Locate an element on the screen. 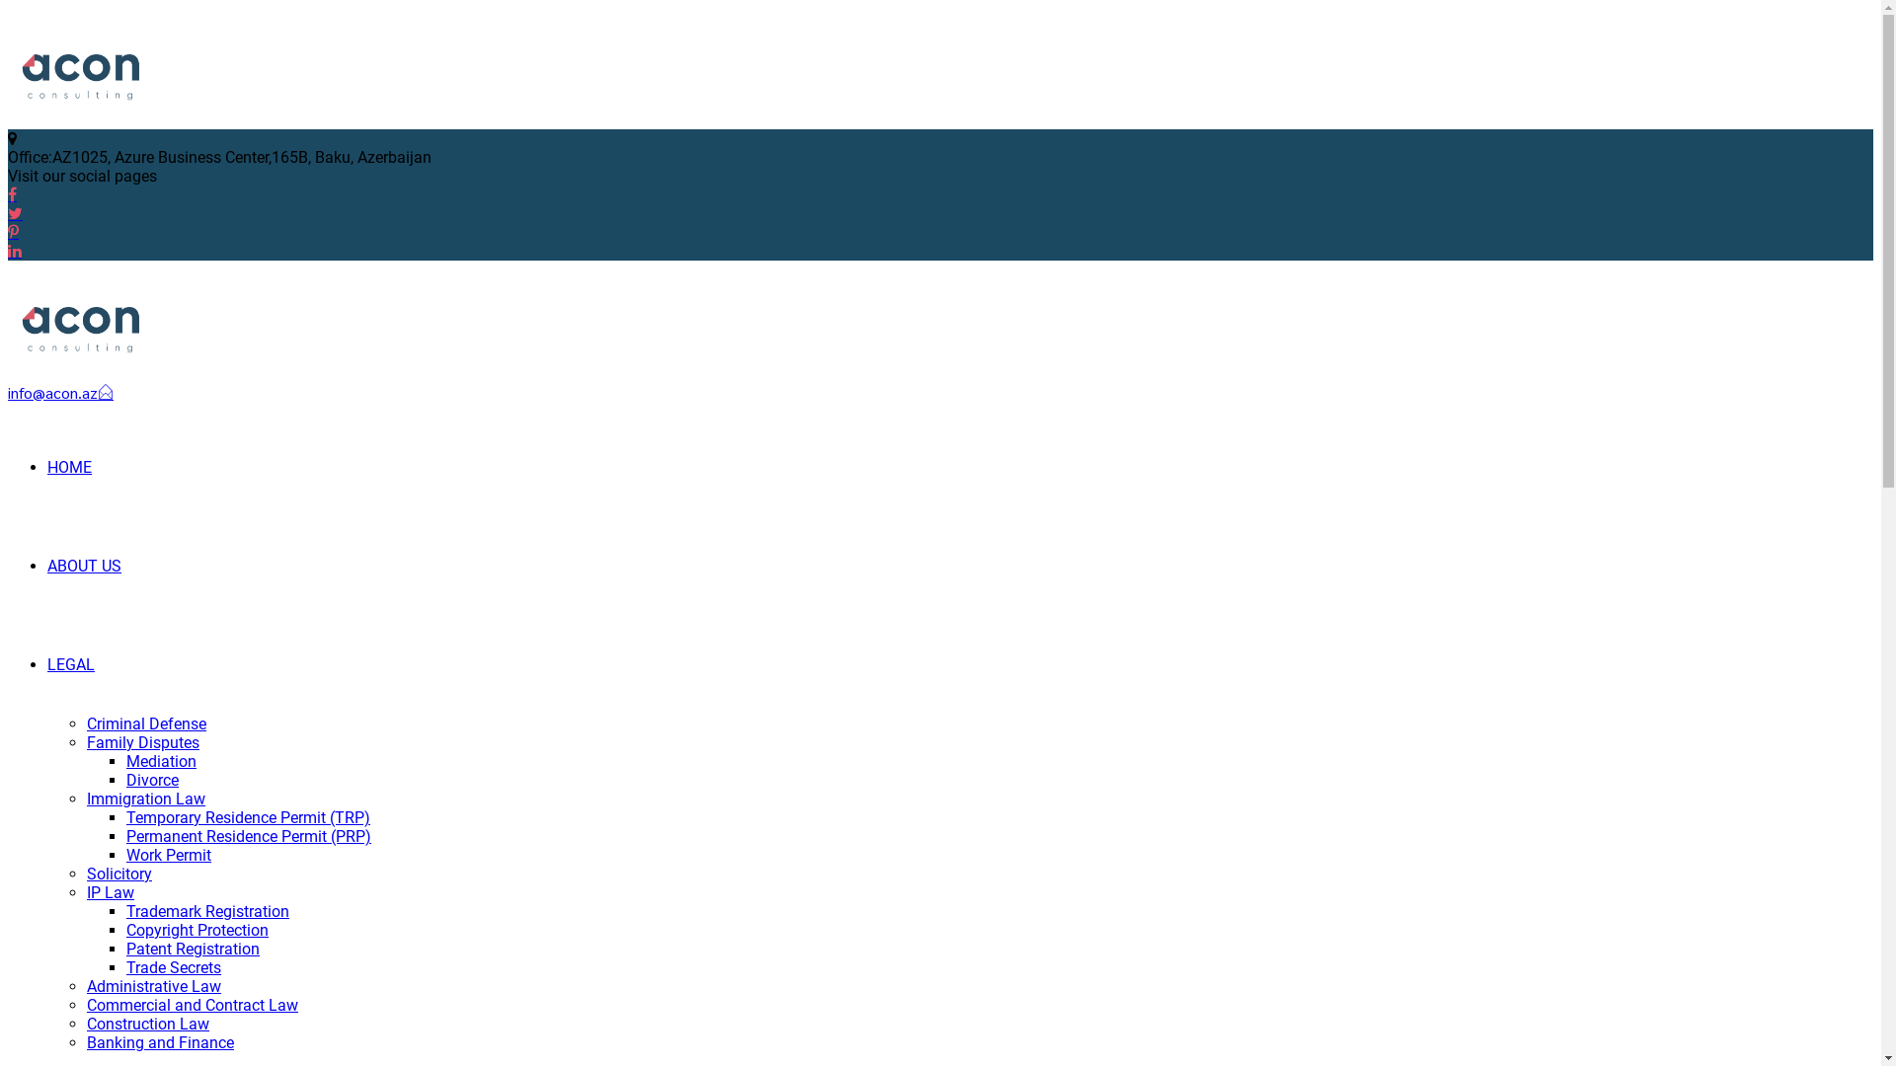 The width and height of the screenshot is (1896, 1066). 'Immigration Law' is located at coordinates (145, 798).